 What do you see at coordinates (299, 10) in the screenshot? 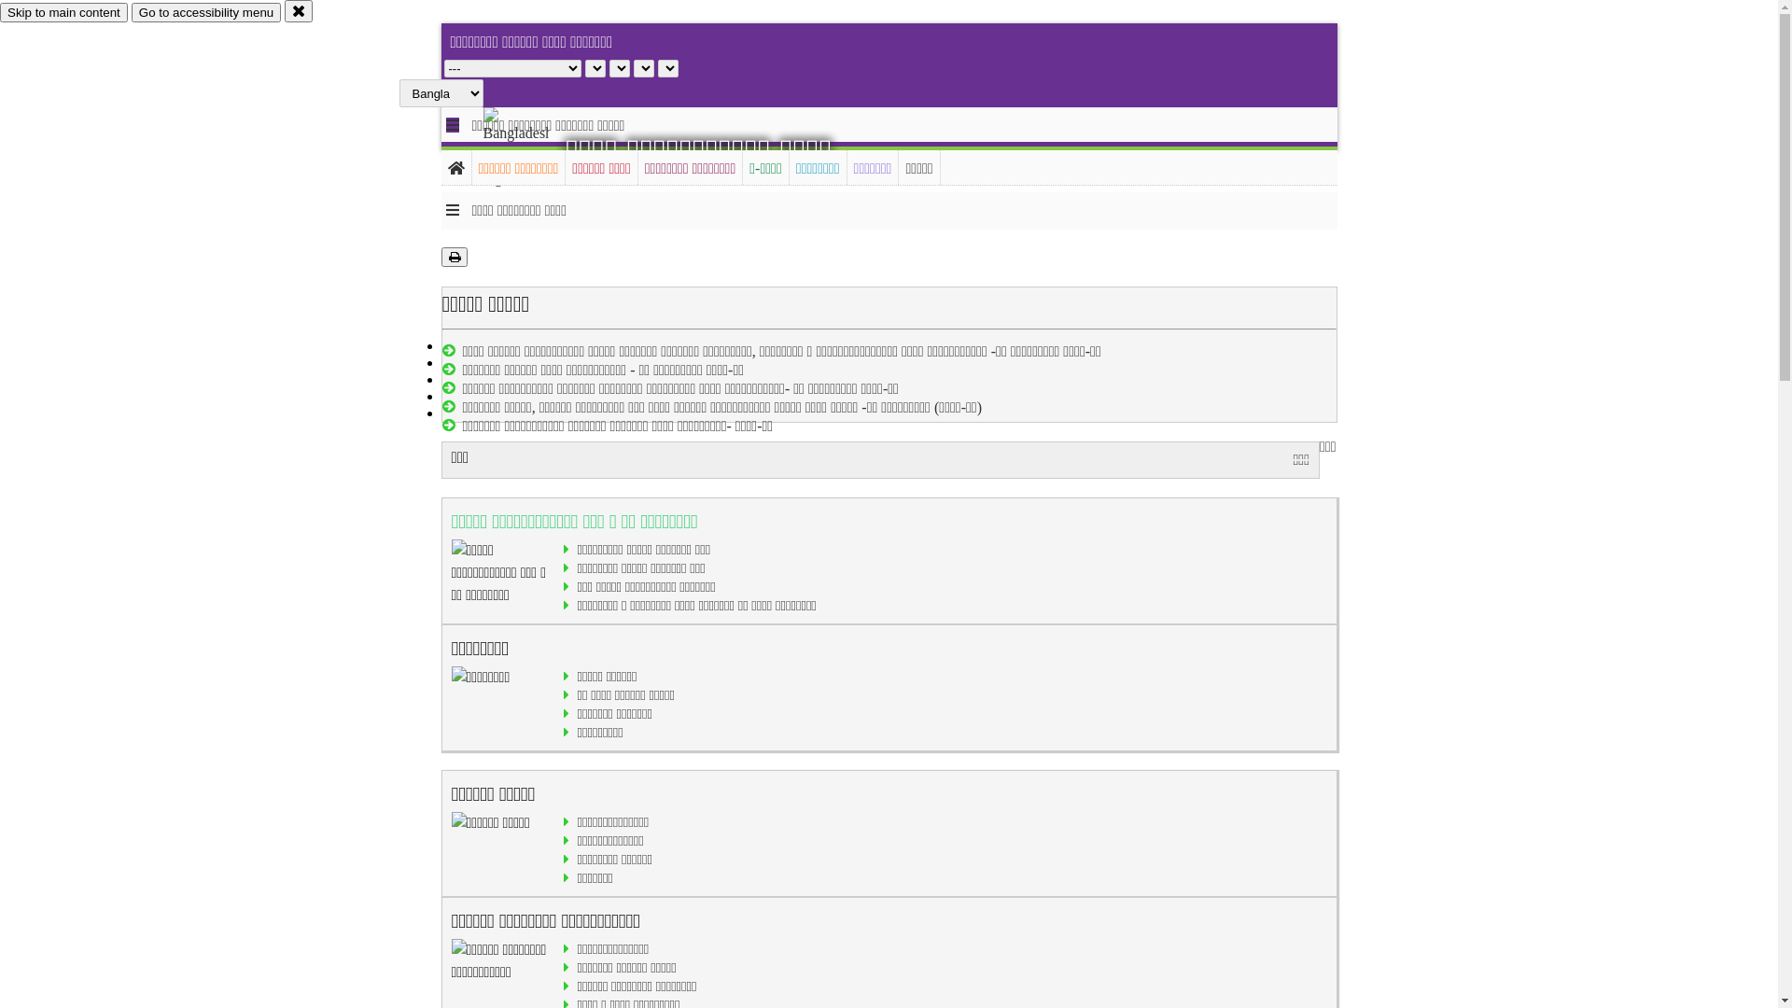
I see `'close'` at bounding box center [299, 10].